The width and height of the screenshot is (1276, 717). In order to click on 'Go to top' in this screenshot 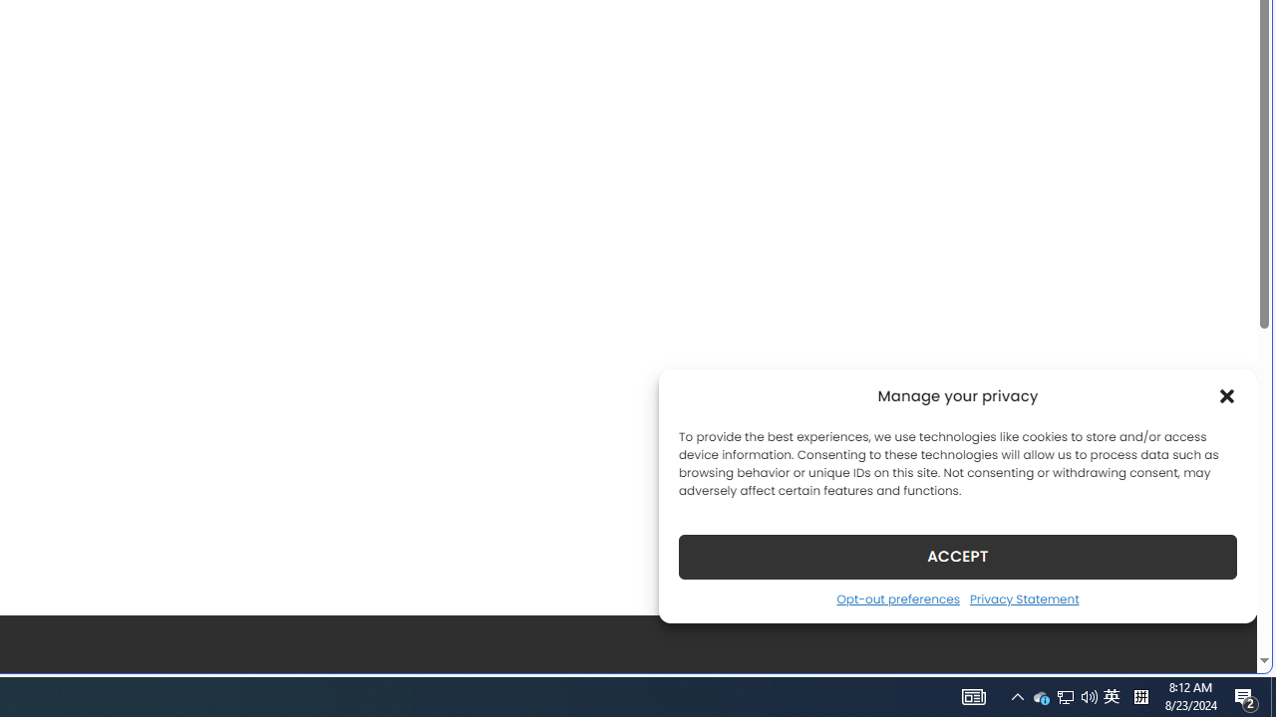, I will do `click(1215, 645)`.